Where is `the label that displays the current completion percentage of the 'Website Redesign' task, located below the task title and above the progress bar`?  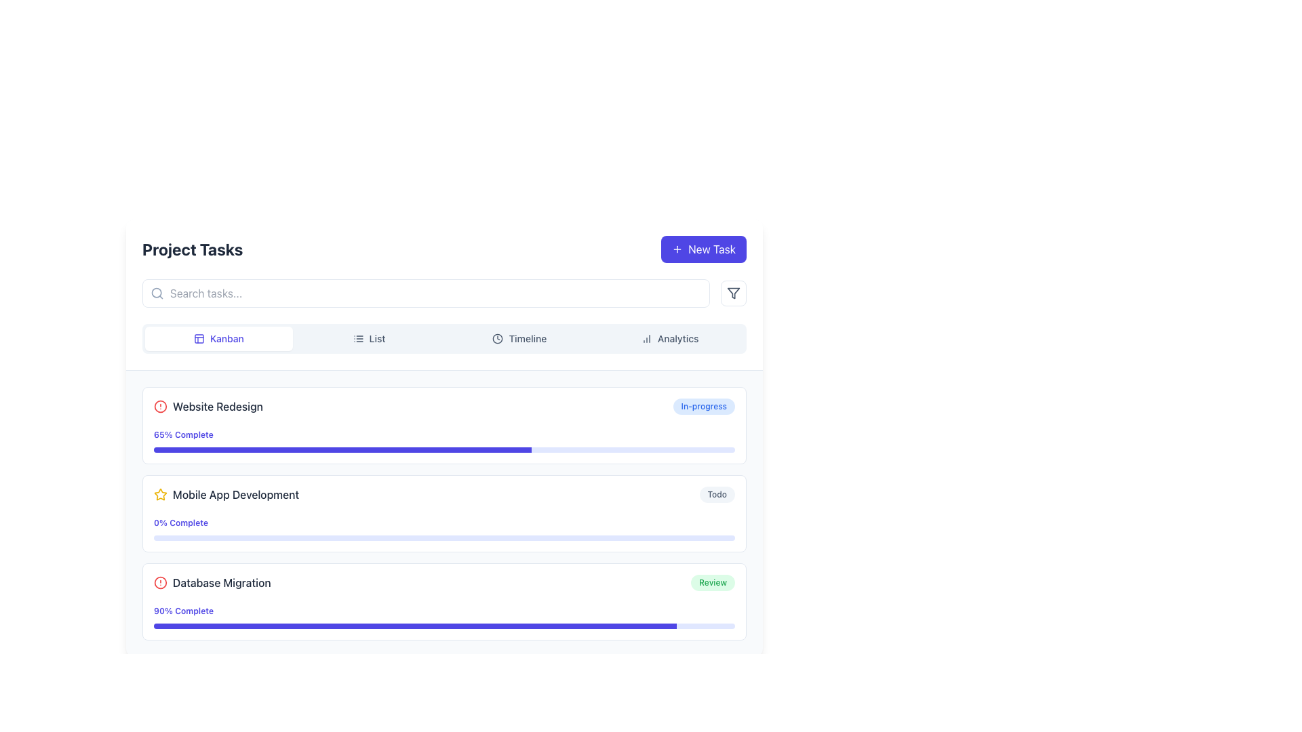
the label that displays the current completion percentage of the 'Website Redesign' task, located below the task title and above the progress bar is located at coordinates (182, 434).